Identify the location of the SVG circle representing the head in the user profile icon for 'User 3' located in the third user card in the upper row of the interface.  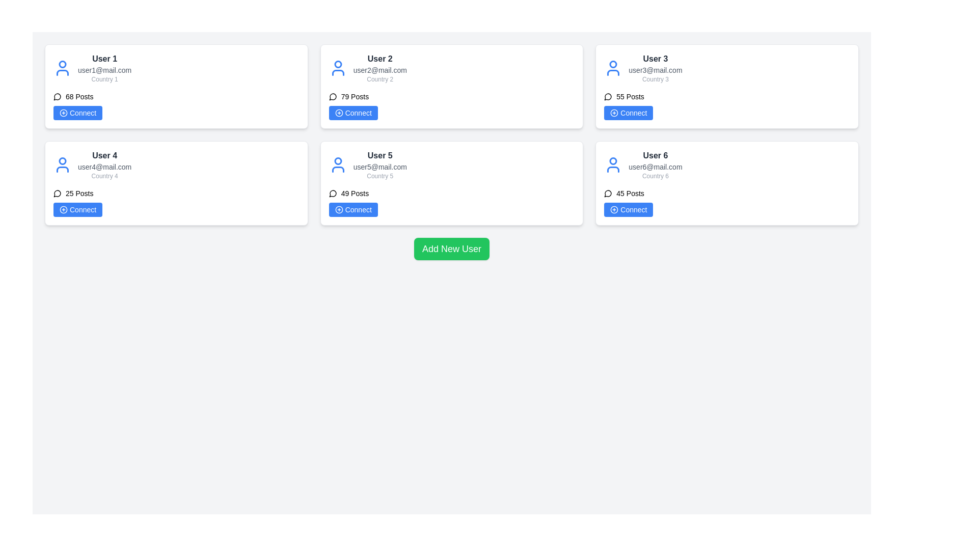
(613, 64).